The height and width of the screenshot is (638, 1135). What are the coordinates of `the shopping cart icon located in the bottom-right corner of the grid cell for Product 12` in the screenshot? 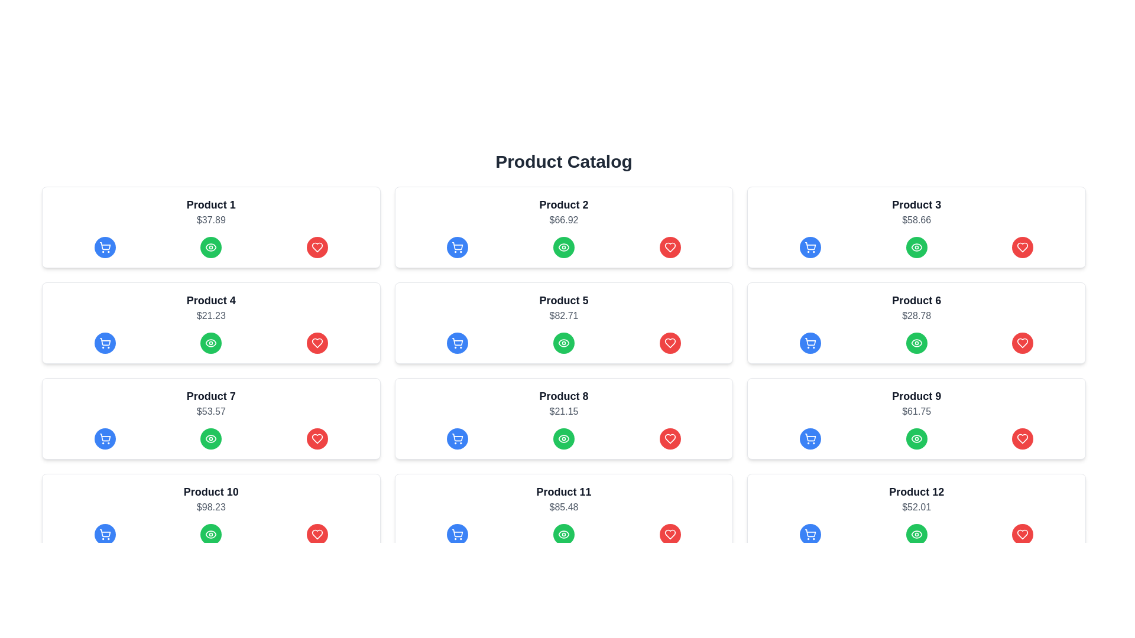 It's located at (810, 533).